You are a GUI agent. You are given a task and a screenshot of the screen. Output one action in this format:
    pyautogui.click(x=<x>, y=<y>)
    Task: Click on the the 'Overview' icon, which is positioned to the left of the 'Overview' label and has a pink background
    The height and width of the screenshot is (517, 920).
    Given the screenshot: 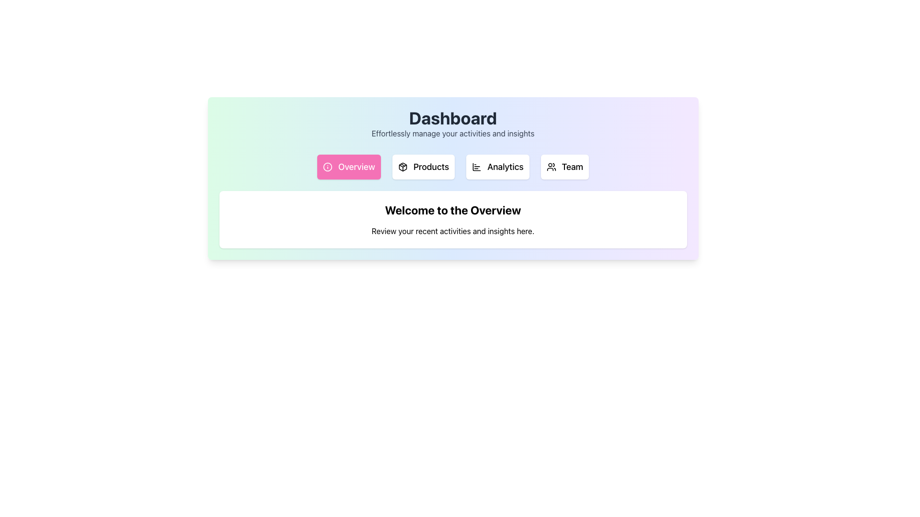 What is the action you would take?
    pyautogui.click(x=327, y=166)
    